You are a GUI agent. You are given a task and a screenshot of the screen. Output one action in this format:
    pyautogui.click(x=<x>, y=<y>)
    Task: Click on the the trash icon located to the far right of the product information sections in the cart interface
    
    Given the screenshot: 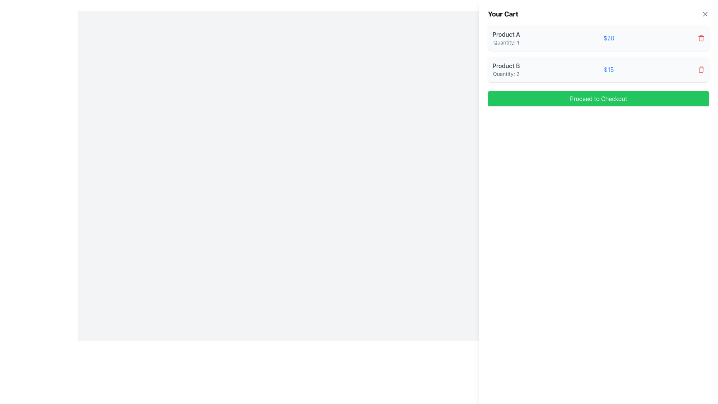 What is the action you would take?
    pyautogui.click(x=701, y=39)
    